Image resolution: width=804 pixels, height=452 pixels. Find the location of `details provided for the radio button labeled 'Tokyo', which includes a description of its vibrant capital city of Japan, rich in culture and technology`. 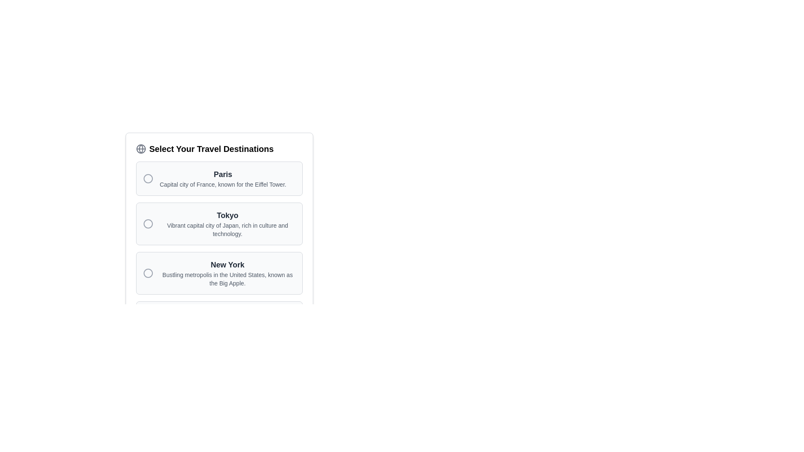

details provided for the radio button labeled 'Tokyo', which includes a description of its vibrant capital city of Japan, rich in culture and technology is located at coordinates (219, 223).